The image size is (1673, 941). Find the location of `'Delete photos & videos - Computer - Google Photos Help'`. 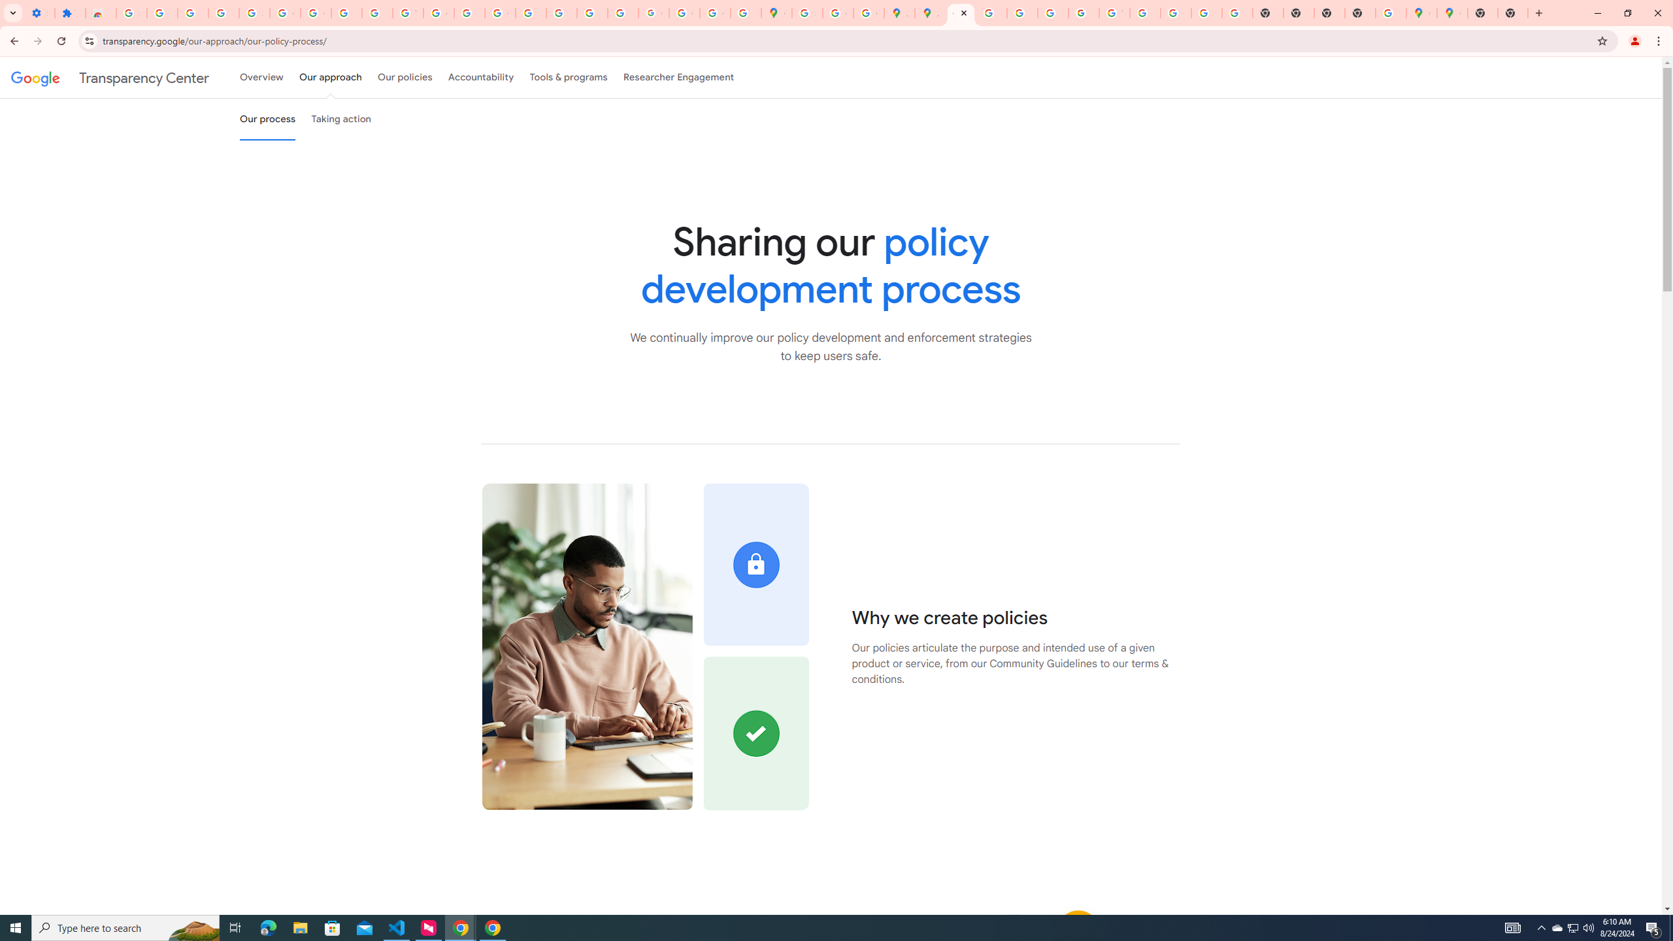

'Delete photos & videos - Computer - Google Photos Help' is located at coordinates (162, 12).